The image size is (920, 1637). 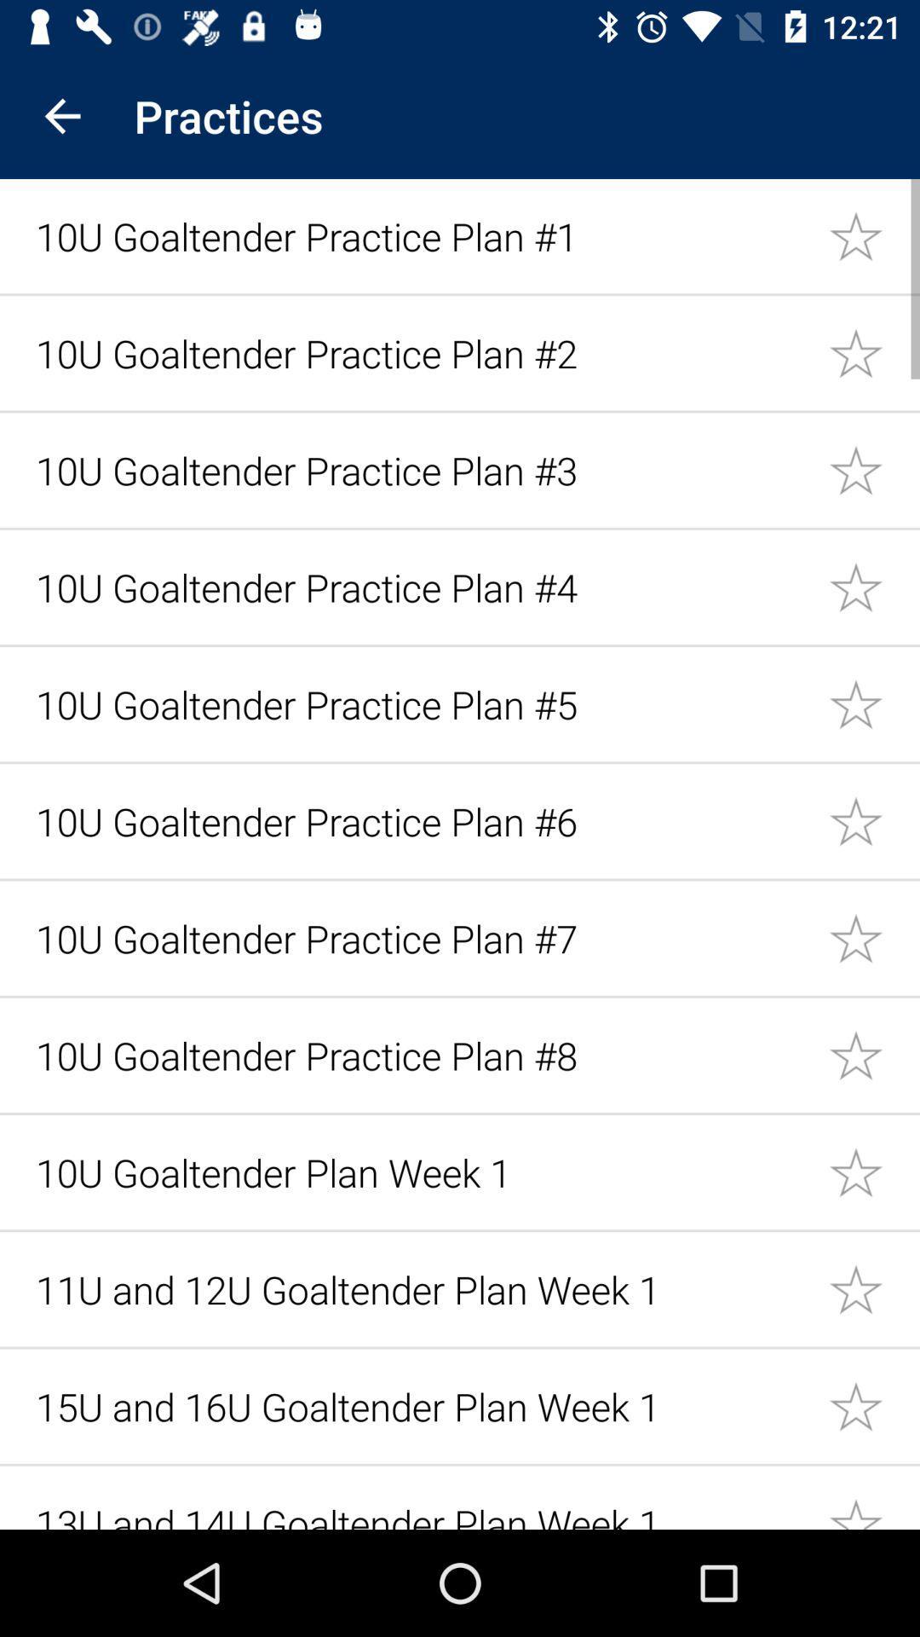 I want to click on star a practice plan, so click(x=874, y=821).